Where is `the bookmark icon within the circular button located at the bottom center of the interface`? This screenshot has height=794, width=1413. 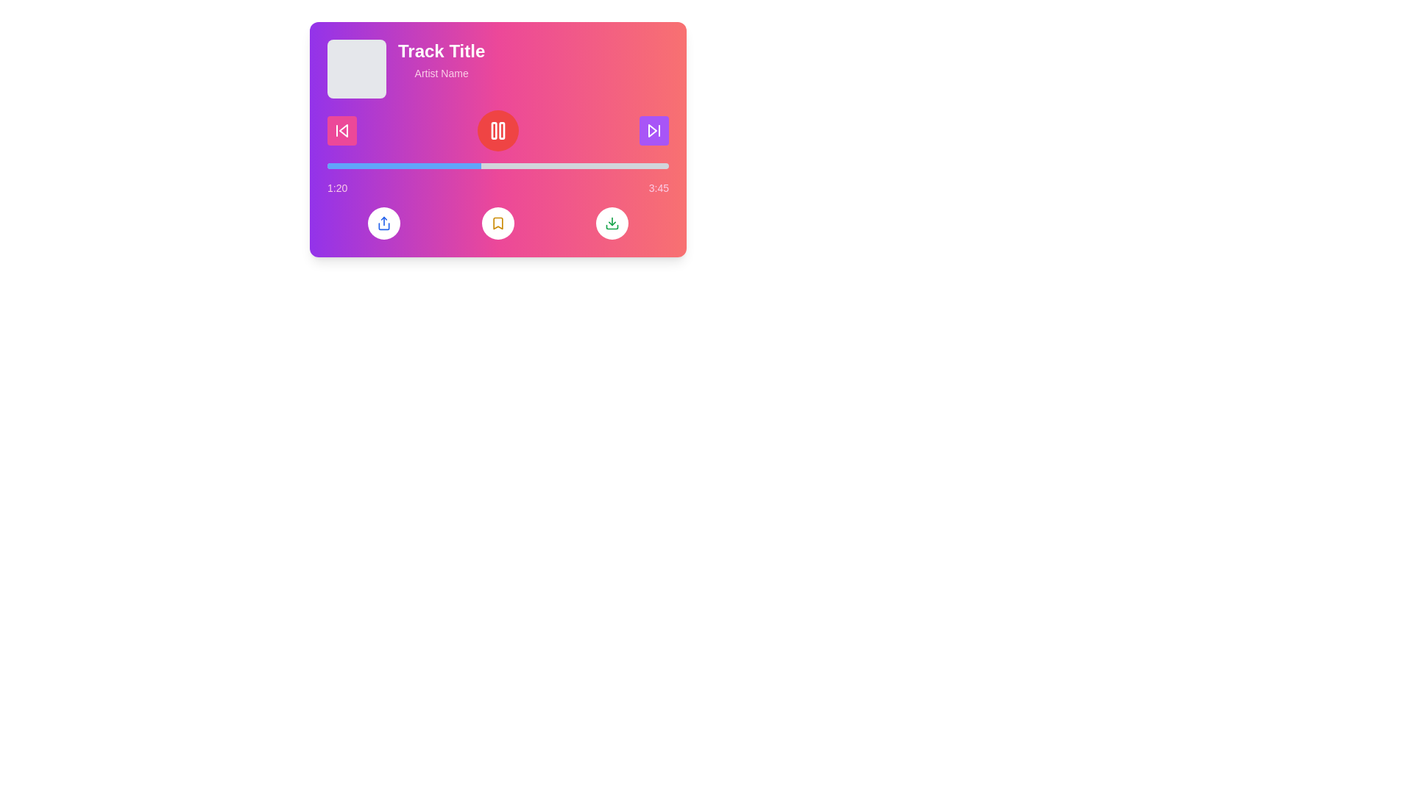 the bookmark icon within the circular button located at the bottom center of the interface is located at coordinates (497, 223).